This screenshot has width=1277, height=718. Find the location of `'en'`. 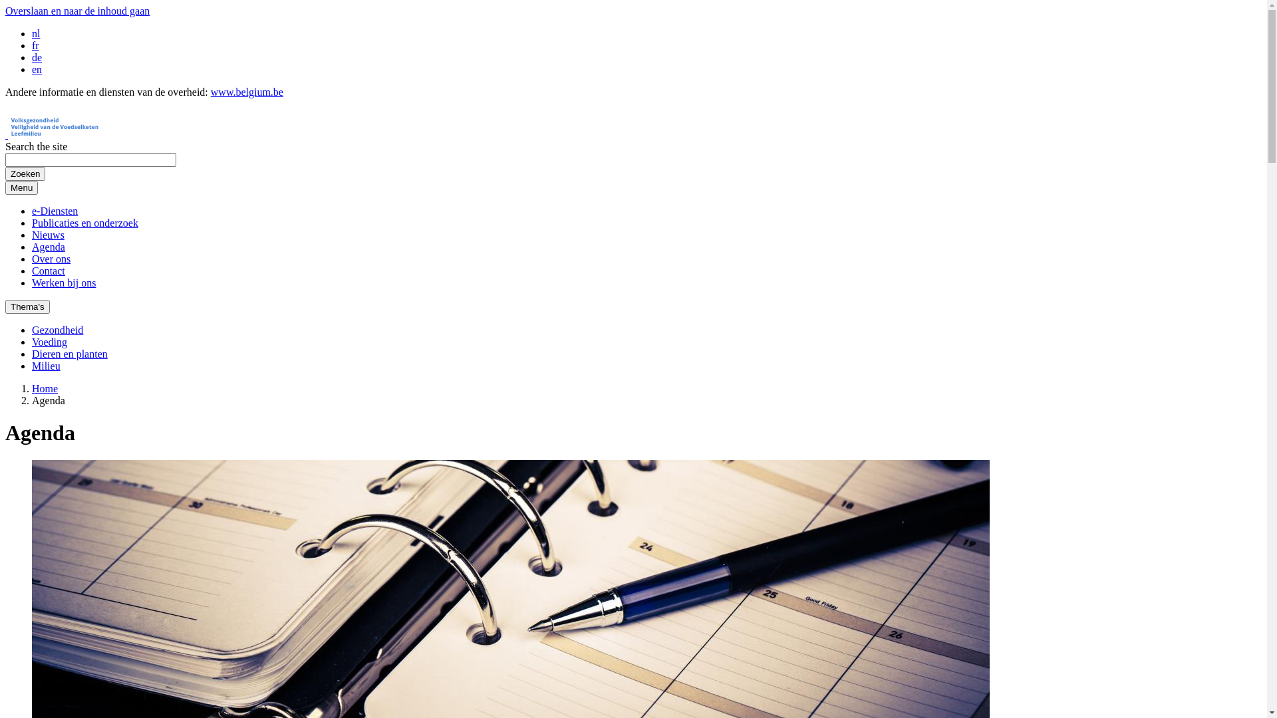

'en' is located at coordinates (37, 69).